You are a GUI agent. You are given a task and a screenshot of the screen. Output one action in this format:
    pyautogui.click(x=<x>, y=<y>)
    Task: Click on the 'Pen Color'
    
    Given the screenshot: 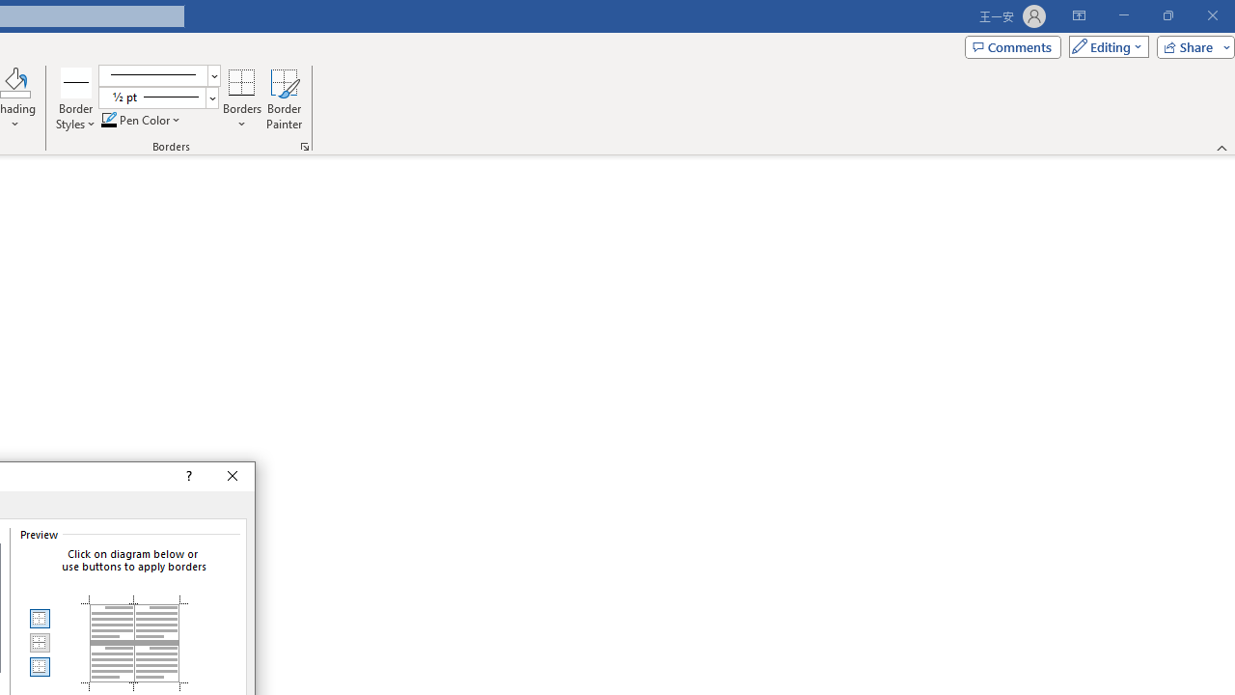 What is the action you would take?
    pyautogui.click(x=141, y=120)
    